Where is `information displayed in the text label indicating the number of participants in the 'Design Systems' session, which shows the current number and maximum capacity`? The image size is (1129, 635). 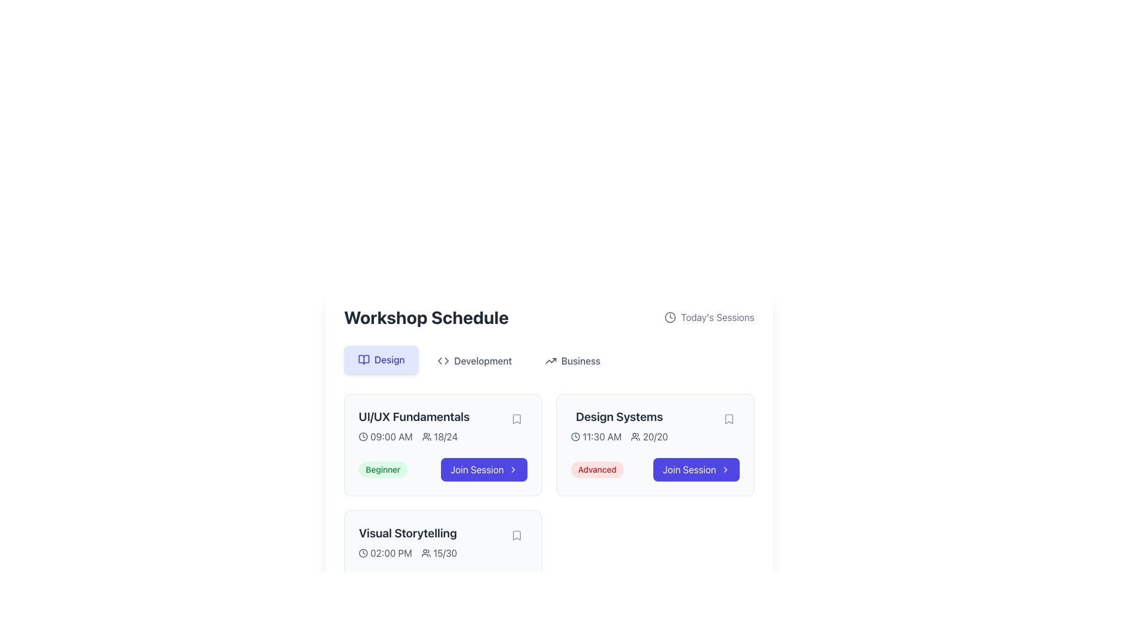
information displayed in the text label indicating the number of participants in the 'Design Systems' session, which shows the current number and maximum capacity is located at coordinates (649, 437).